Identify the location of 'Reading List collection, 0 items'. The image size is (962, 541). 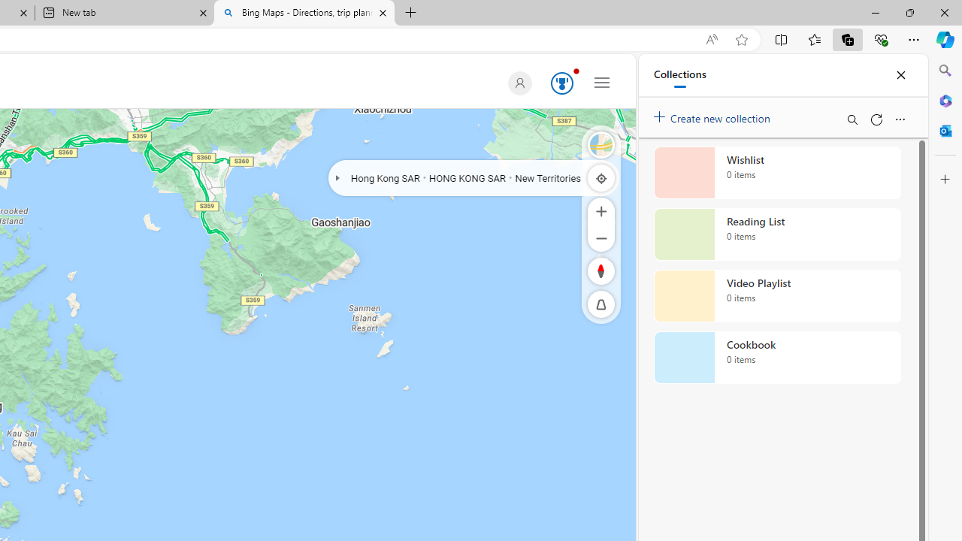
(777, 234).